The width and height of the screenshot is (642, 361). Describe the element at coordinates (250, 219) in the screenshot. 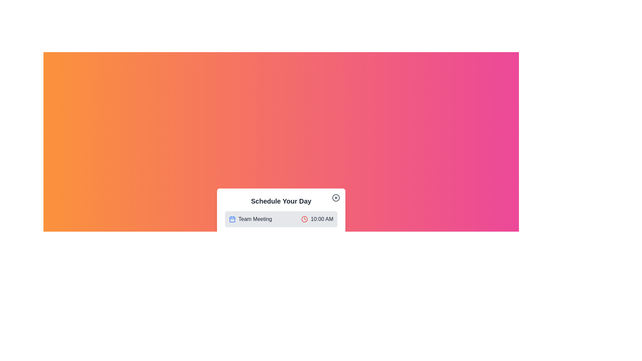

I see `the 'Team Meeting' text label with the blue calendar book icon` at that location.